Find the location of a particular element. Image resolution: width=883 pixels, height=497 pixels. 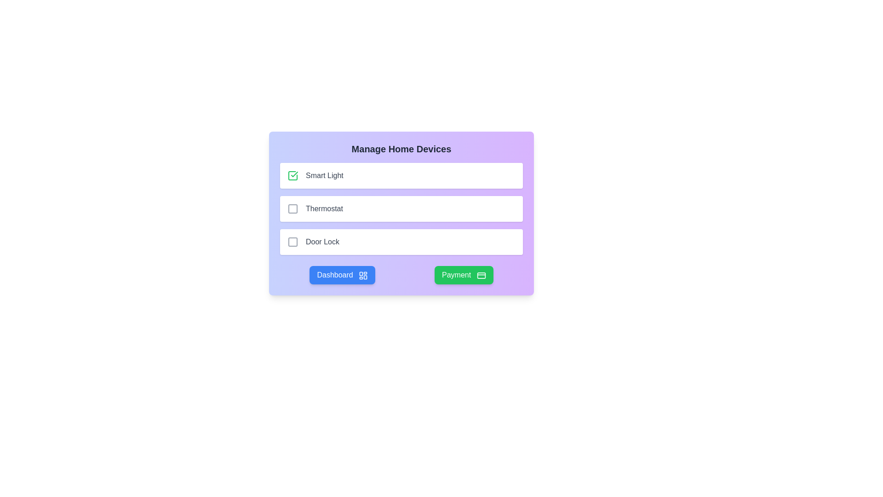

the checkbox located to the left of the 'Door Lock' label, which is styled with a thin border and no background, to focus on it is located at coordinates (292, 241).